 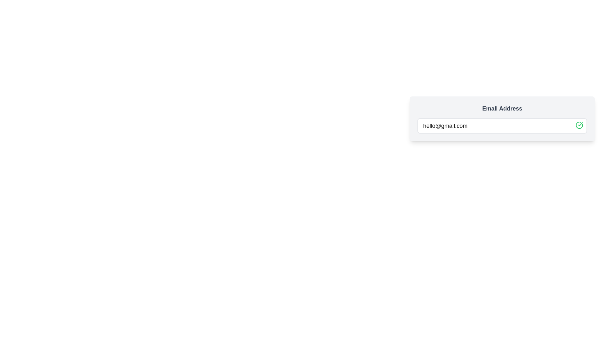 What do you see at coordinates (579, 125) in the screenshot?
I see `the green circular icon with a white checkmark, which indicates correctness or validation, positioned to the far right of the email input field` at bounding box center [579, 125].